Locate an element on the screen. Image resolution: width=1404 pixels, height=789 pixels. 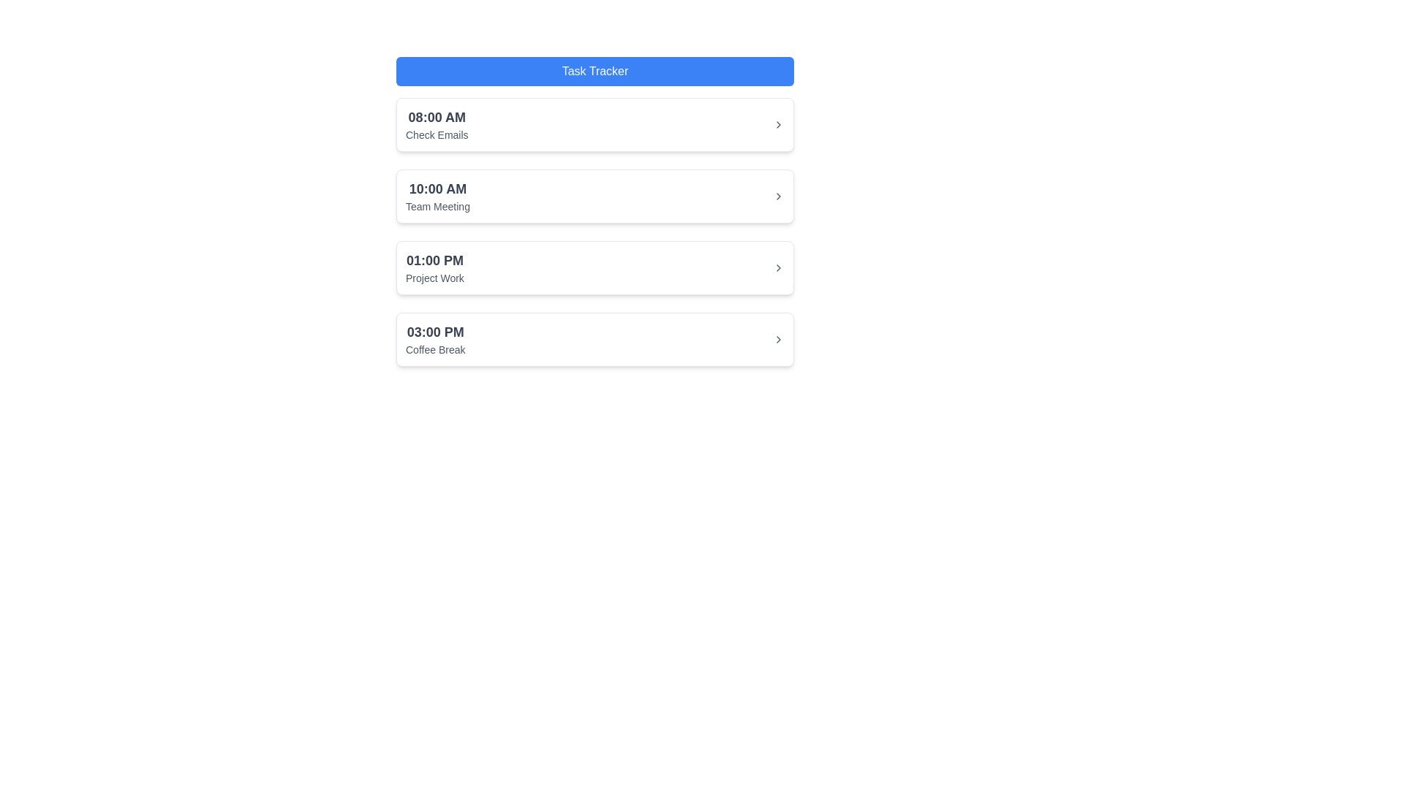
the small gray text label displaying 'Check Emails', which is located below the larger bold text '08:00 AM' in the first entry of the task list is located at coordinates (436, 135).